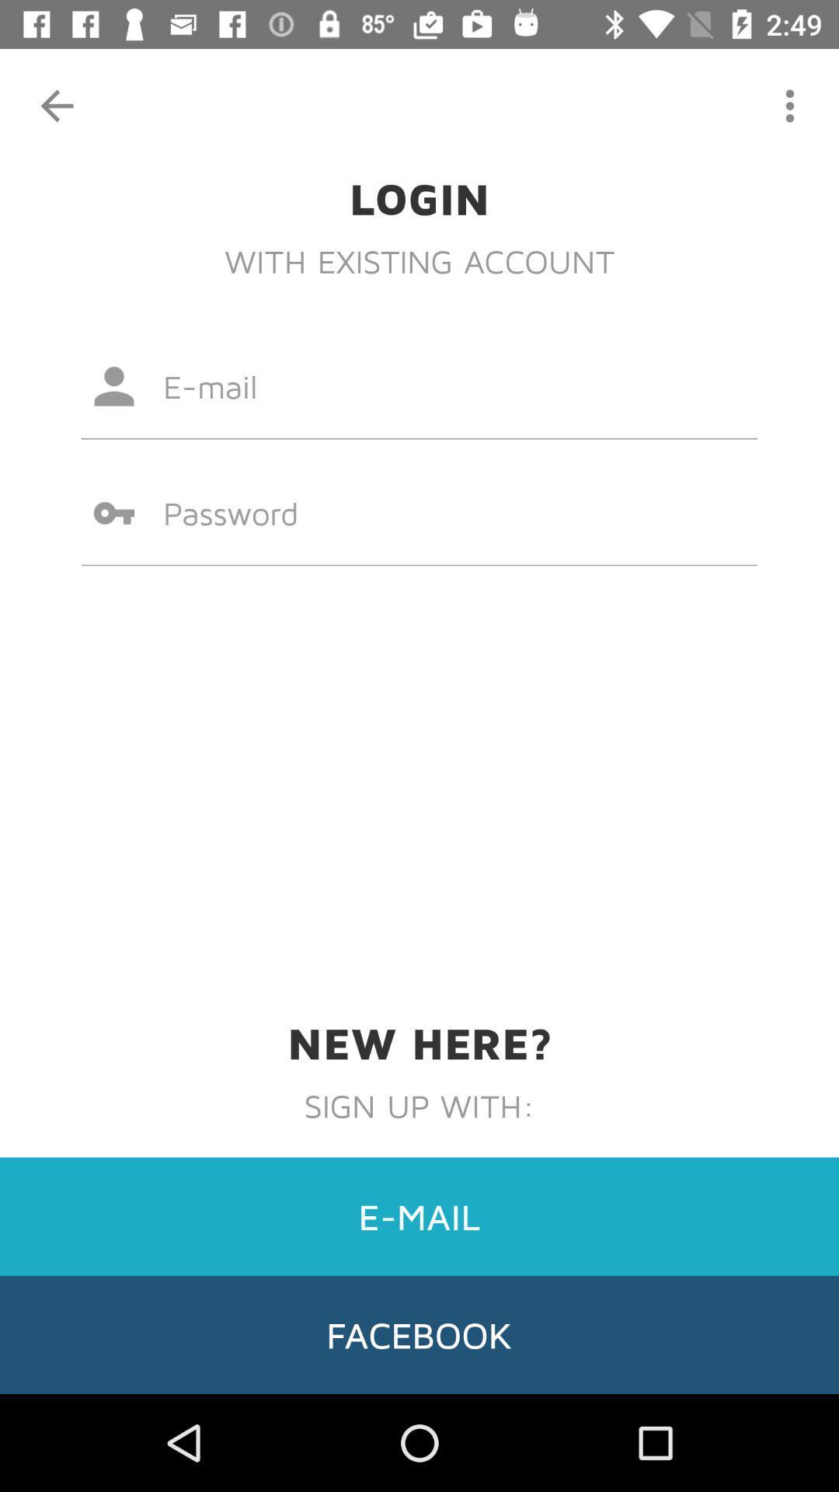 The width and height of the screenshot is (839, 1492). Describe the element at coordinates (56, 105) in the screenshot. I see `icon above login icon` at that location.